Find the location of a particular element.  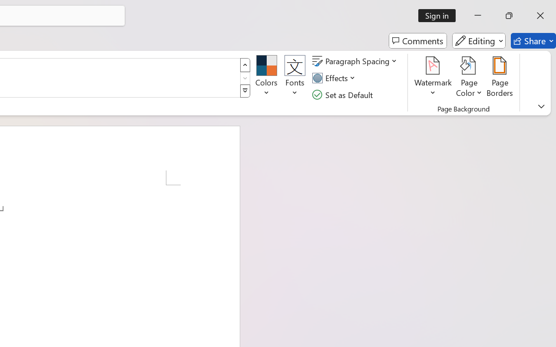

'Set as Default' is located at coordinates (343, 95).